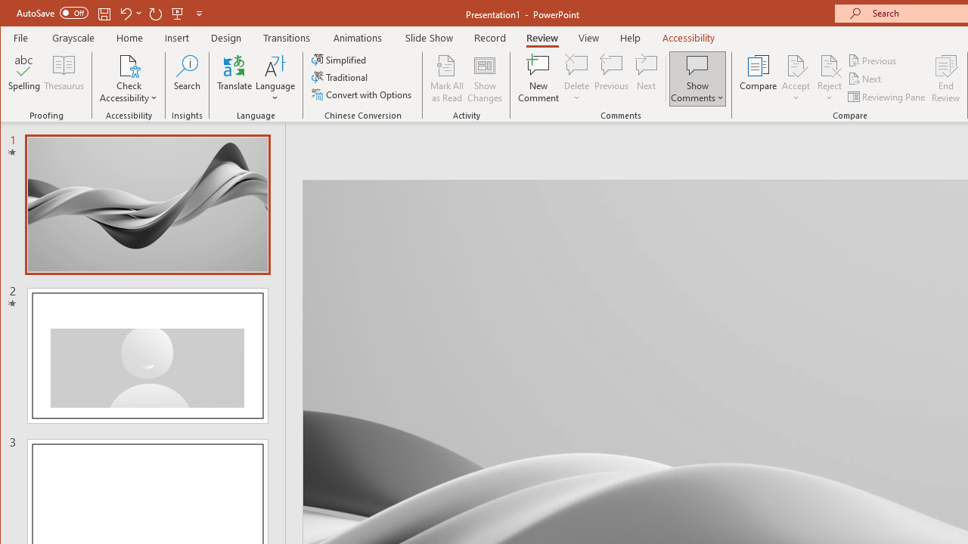  I want to click on 'Show Comments', so click(697, 64).